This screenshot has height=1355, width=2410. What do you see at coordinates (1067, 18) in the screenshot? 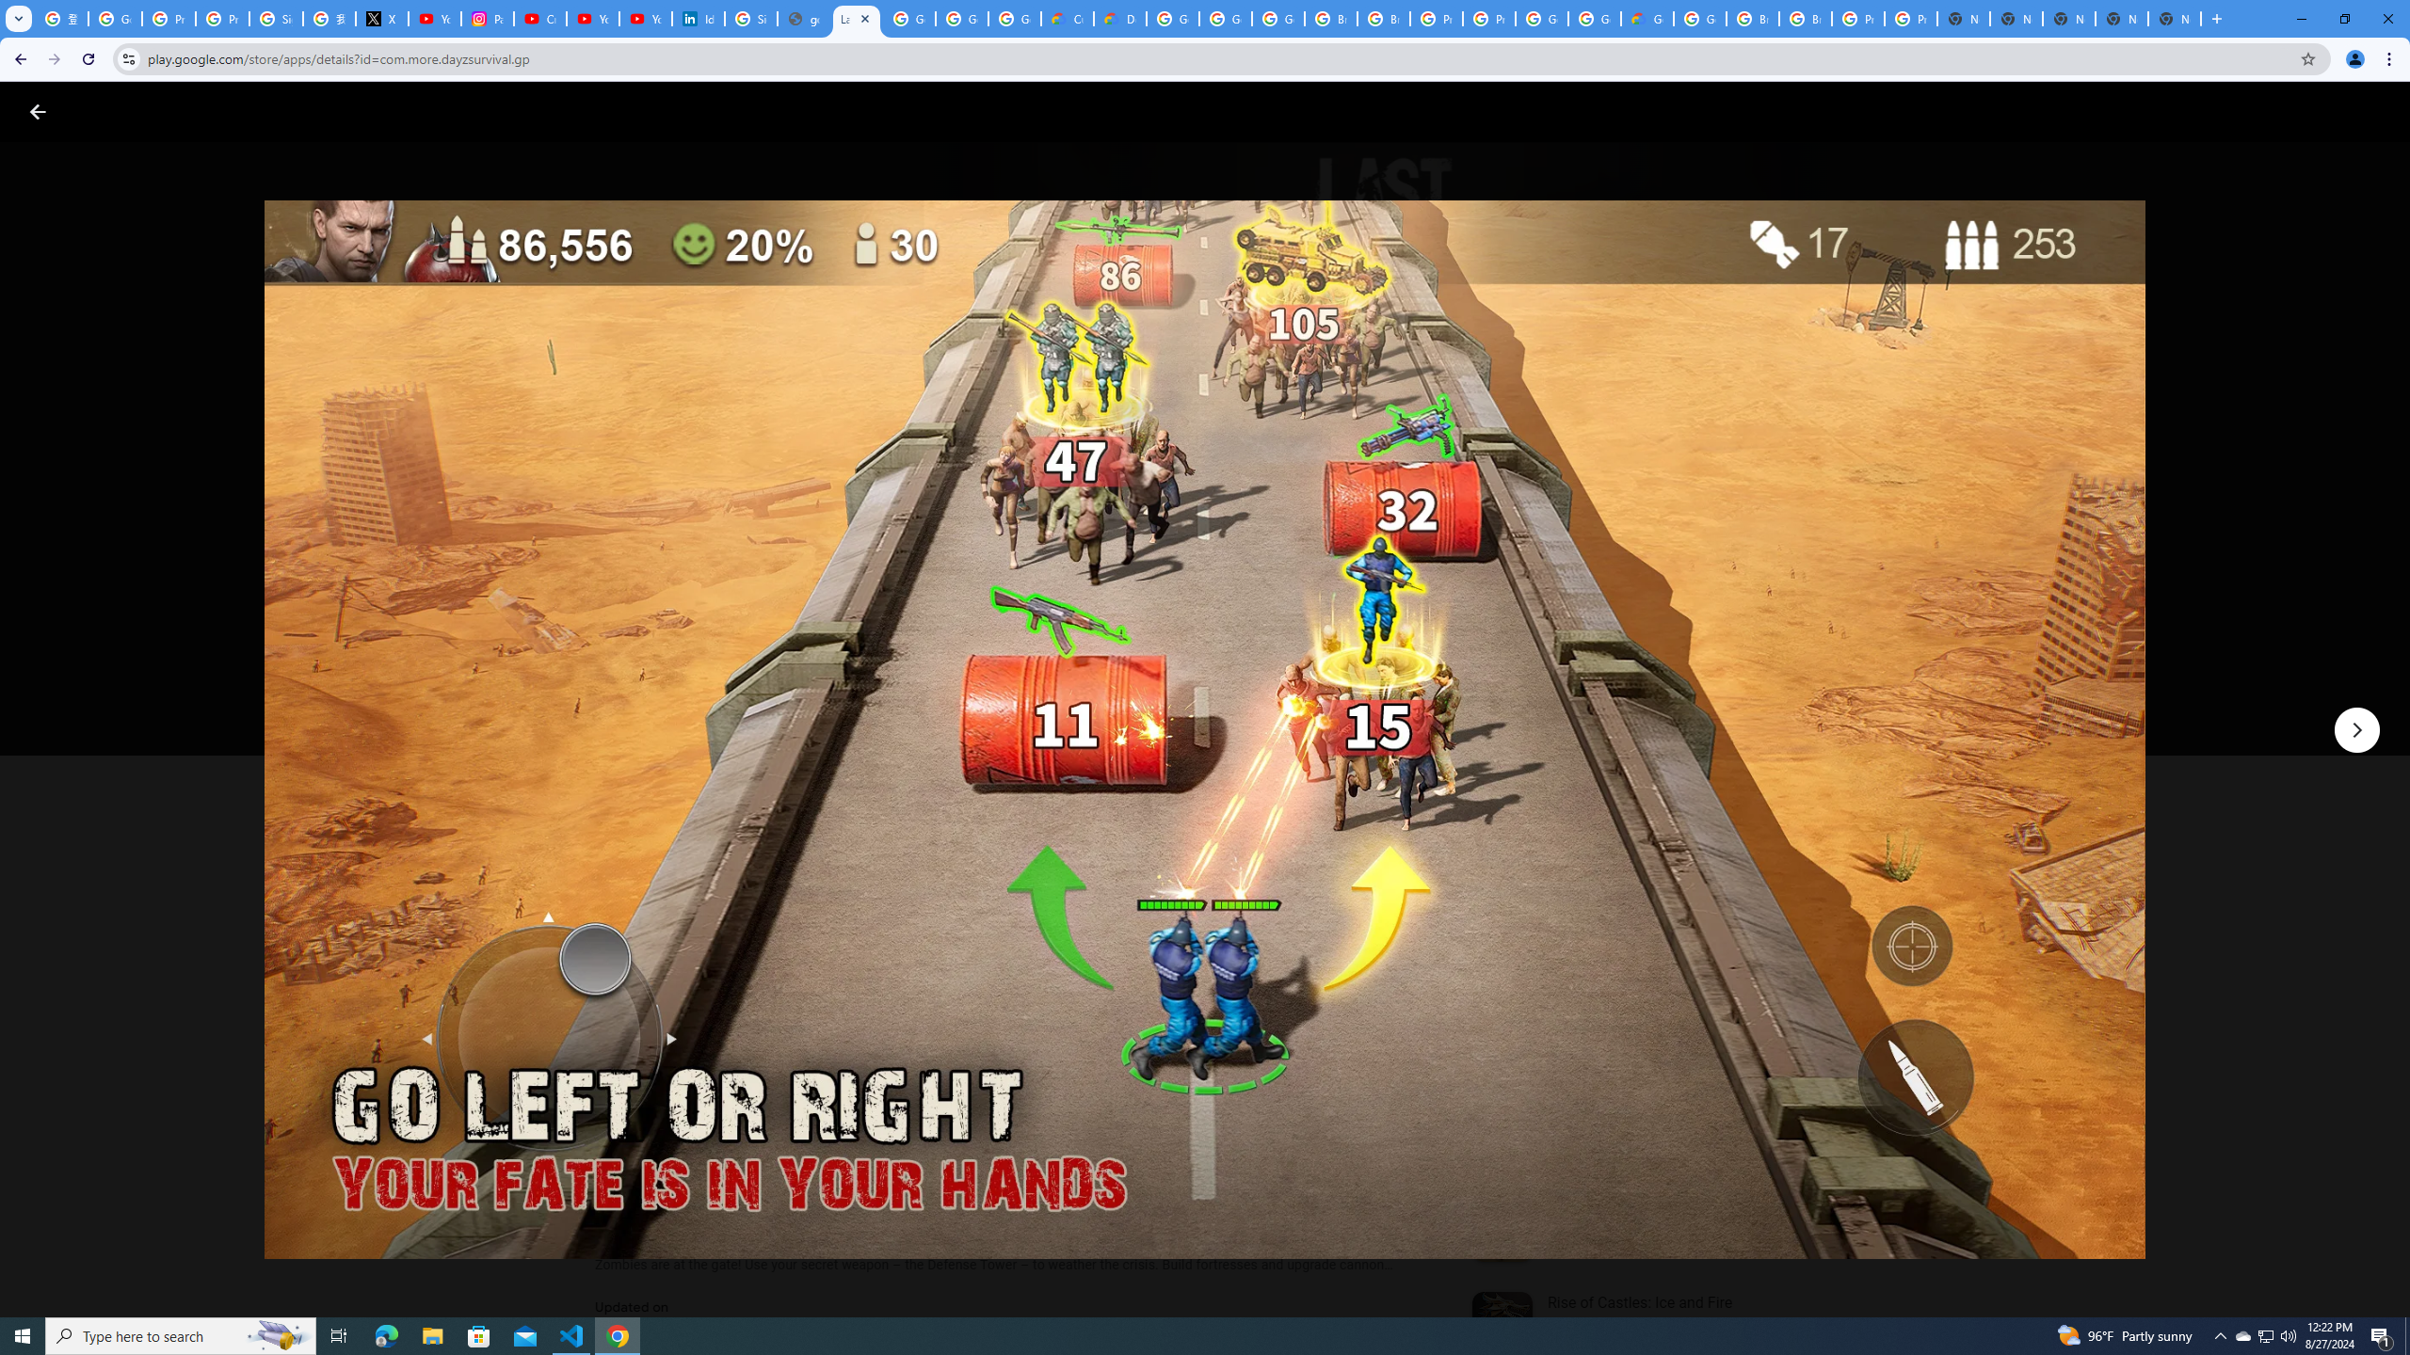
I see `'Customer Care | Google Cloud'` at bounding box center [1067, 18].